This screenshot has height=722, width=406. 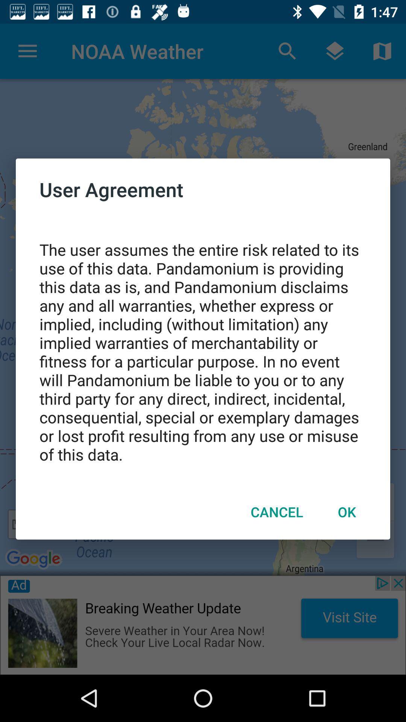 What do you see at coordinates (277, 511) in the screenshot?
I see `the cancel item` at bounding box center [277, 511].